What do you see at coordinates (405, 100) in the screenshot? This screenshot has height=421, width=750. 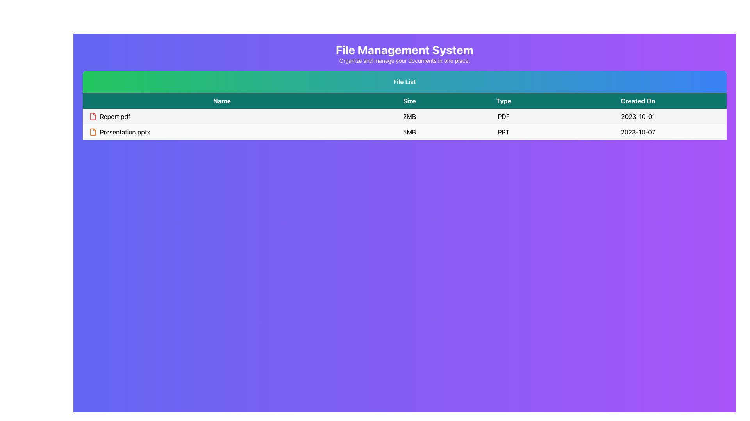 I see `the Table Header Row which displays the headers 'Name', 'Size', 'Type', and 'Created On' with a teal background and white text` at bounding box center [405, 100].